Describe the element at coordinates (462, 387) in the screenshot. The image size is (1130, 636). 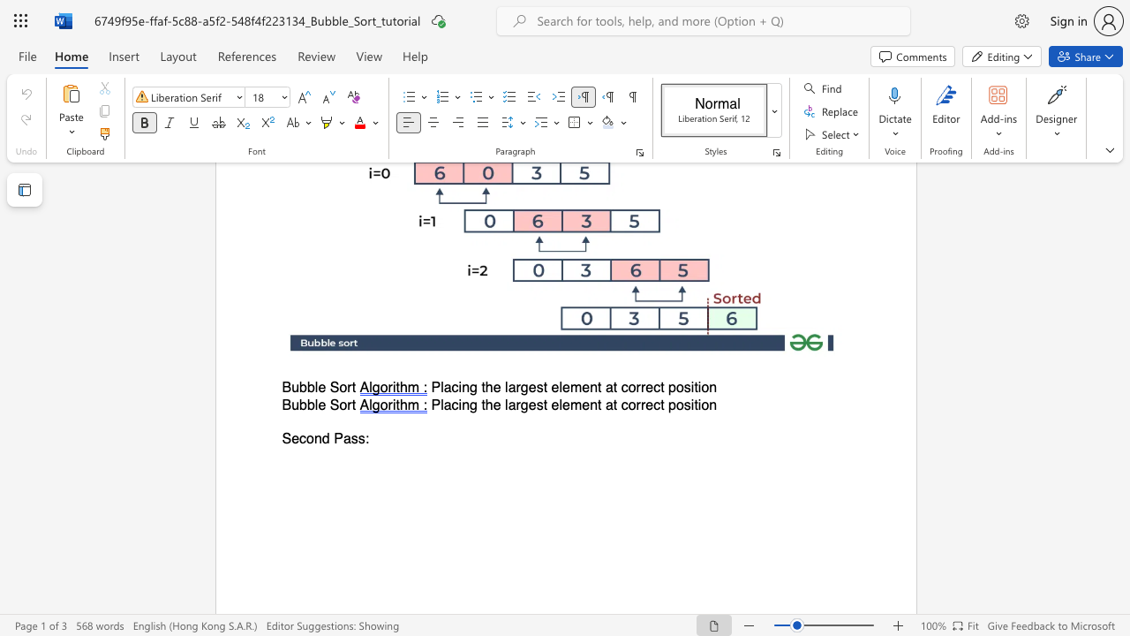
I see `the subset text "ng t" within the text "Placing the largest element at correct position"` at that location.